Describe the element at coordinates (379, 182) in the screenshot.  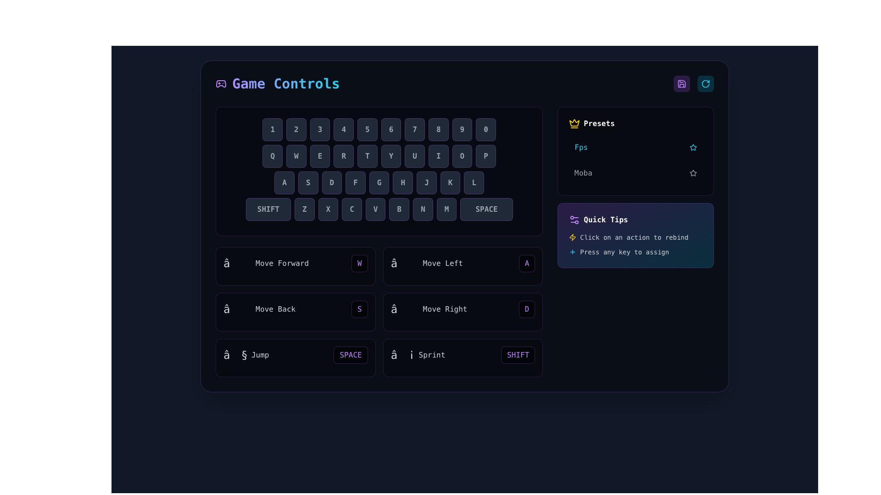
I see `the button representing the letter 'G', which is the fifth button in a horizontal row labeled 'ASDFGHJKL', located between 'F' and 'H'` at that location.